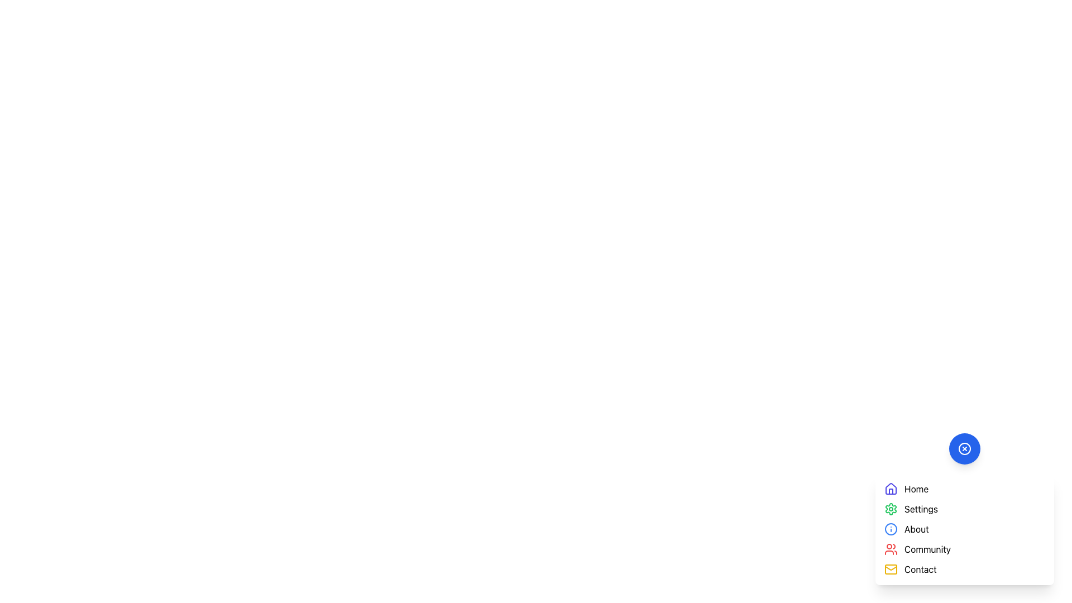  I want to click on the gear icon representing the 'Settings' menu item, so click(891, 509).